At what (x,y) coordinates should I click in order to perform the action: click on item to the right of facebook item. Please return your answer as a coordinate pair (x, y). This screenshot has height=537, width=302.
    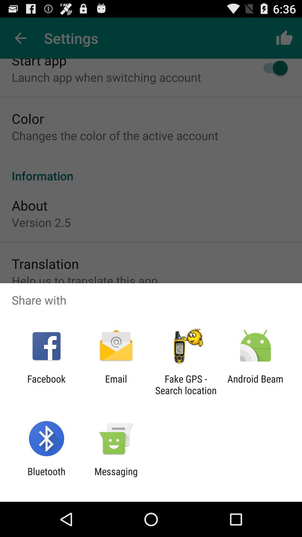
    Looking at the image, I should click on (116, 384).